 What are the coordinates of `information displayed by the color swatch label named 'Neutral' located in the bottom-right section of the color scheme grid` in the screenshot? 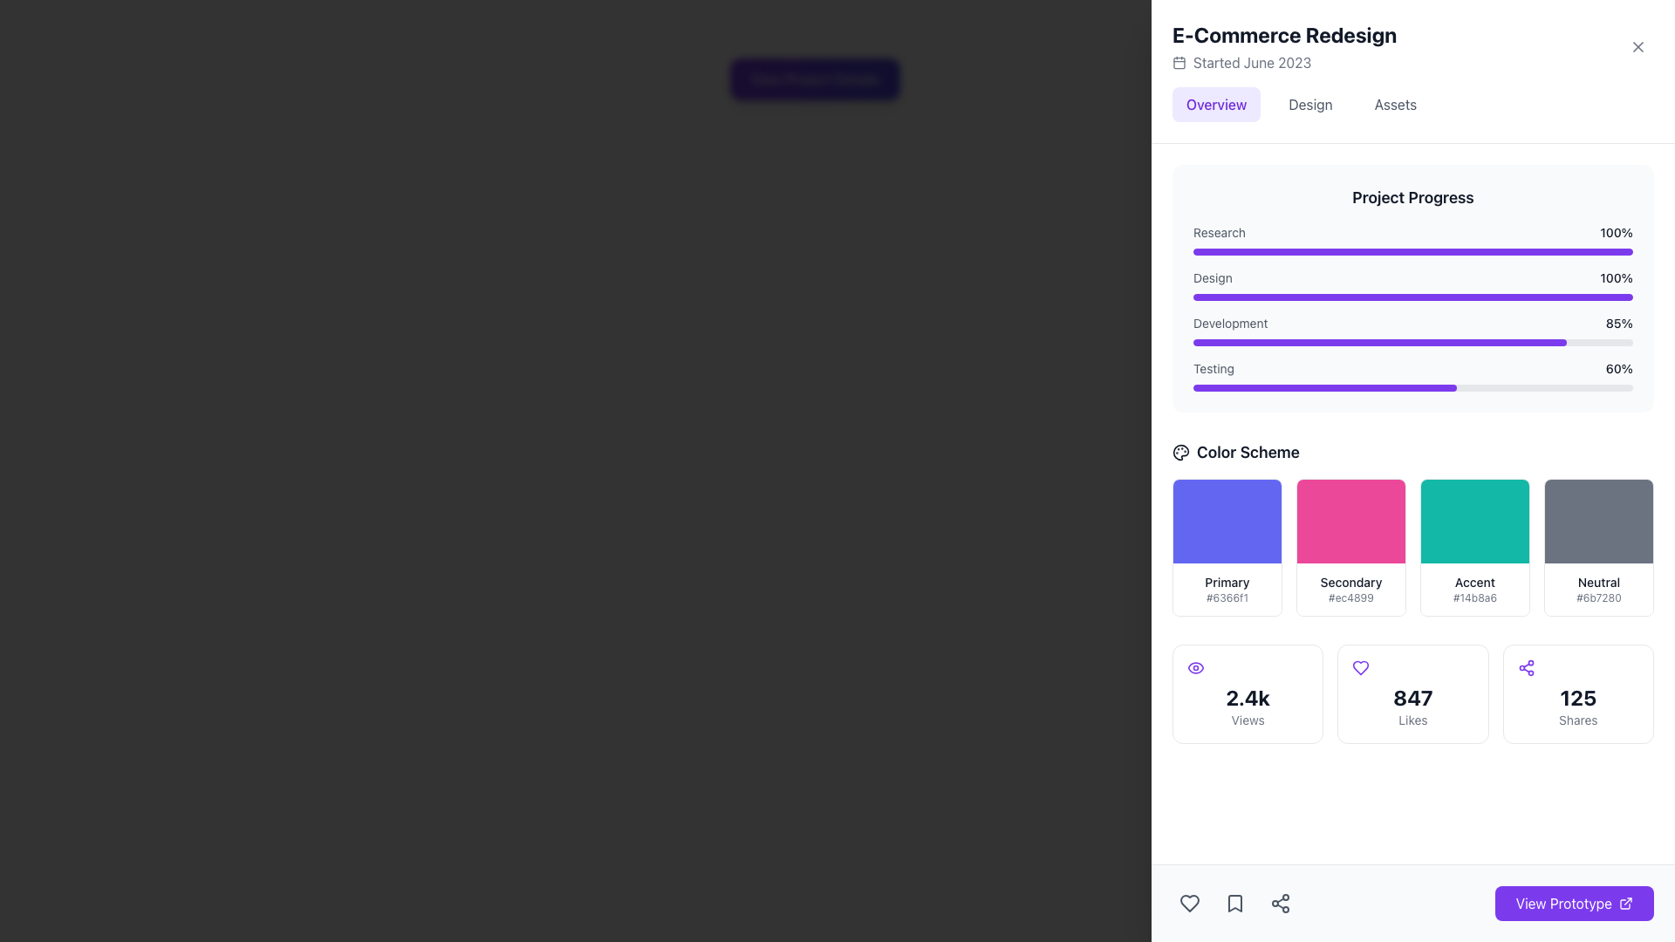 It's located at (1599, 589).